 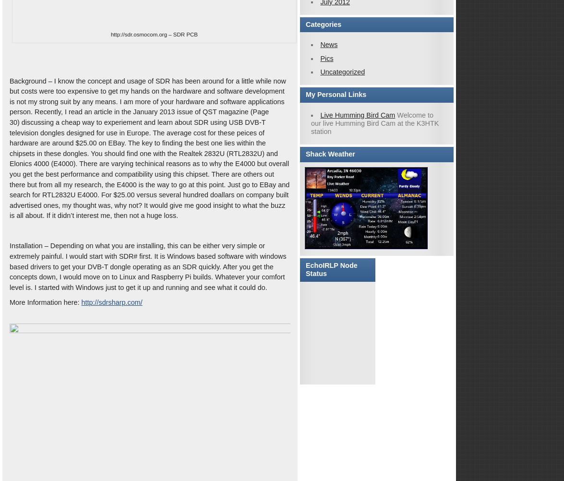 What do you see at coordinates (320, 58) in the screenshot?
I see `'Pics'` at bounding box center [320, 58].